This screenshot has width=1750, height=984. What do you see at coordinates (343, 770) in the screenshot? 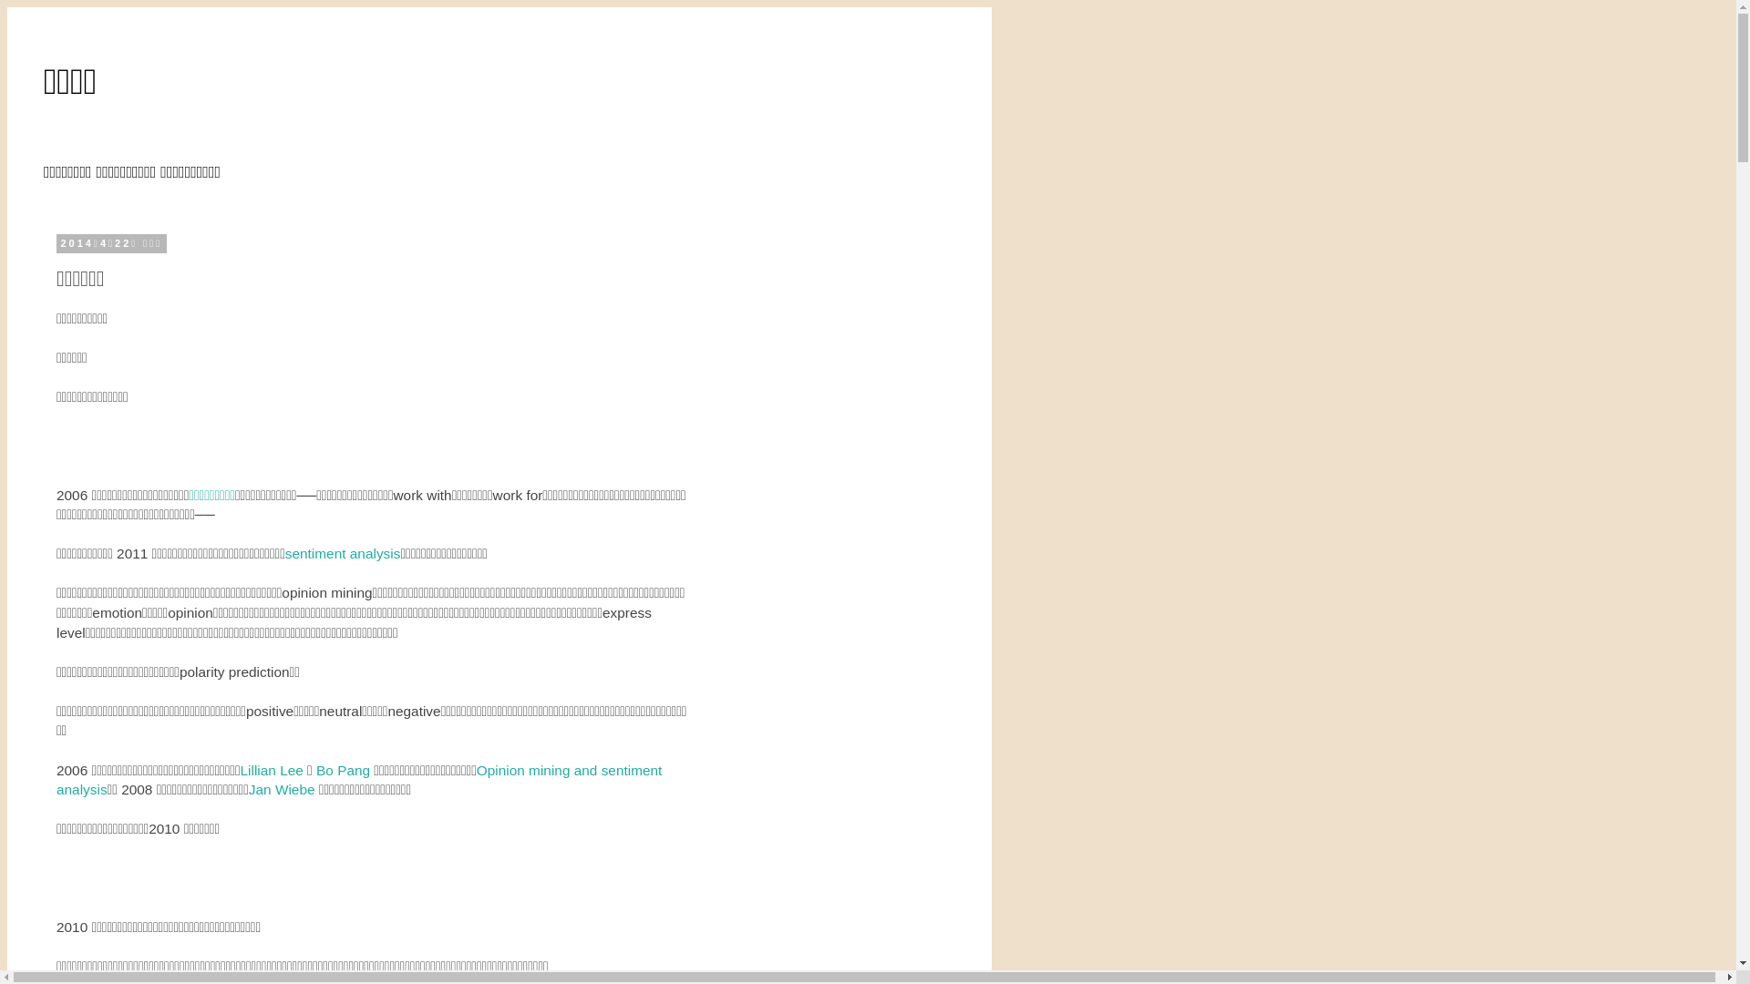
I see `'Bo Pang'` at bounding box center [343, 770].